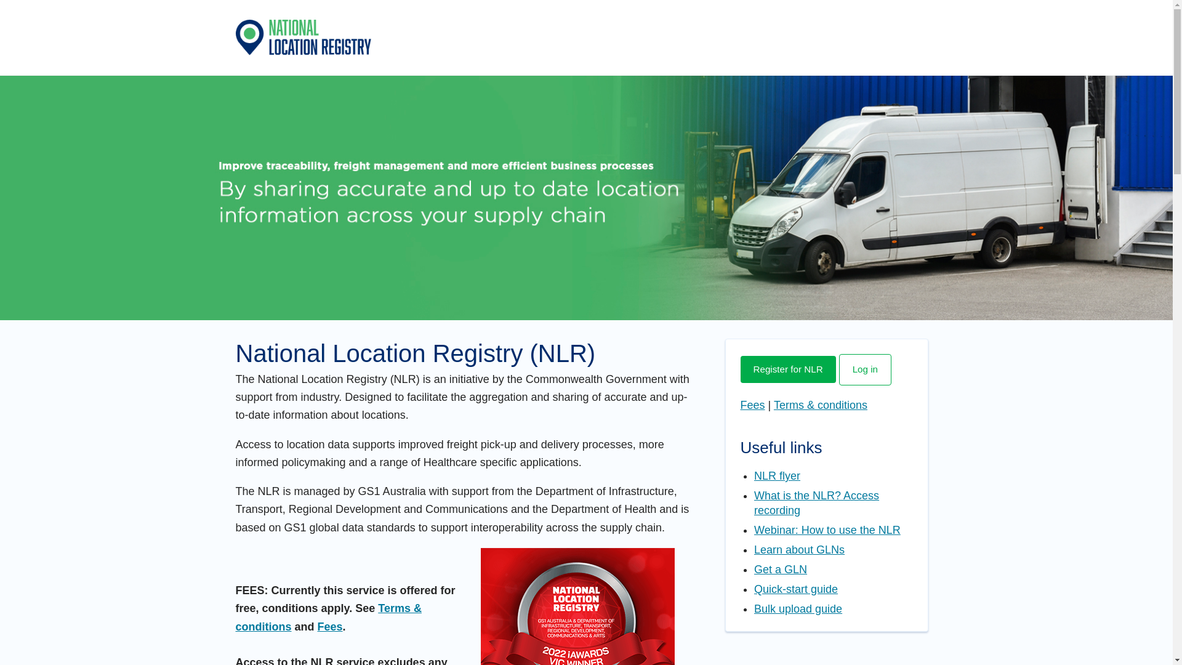 This screenshot has height=665, width=1182. Describe the element at coordinates (779, 570) in the screenshot. I see `'Get a GLN'` at that location.